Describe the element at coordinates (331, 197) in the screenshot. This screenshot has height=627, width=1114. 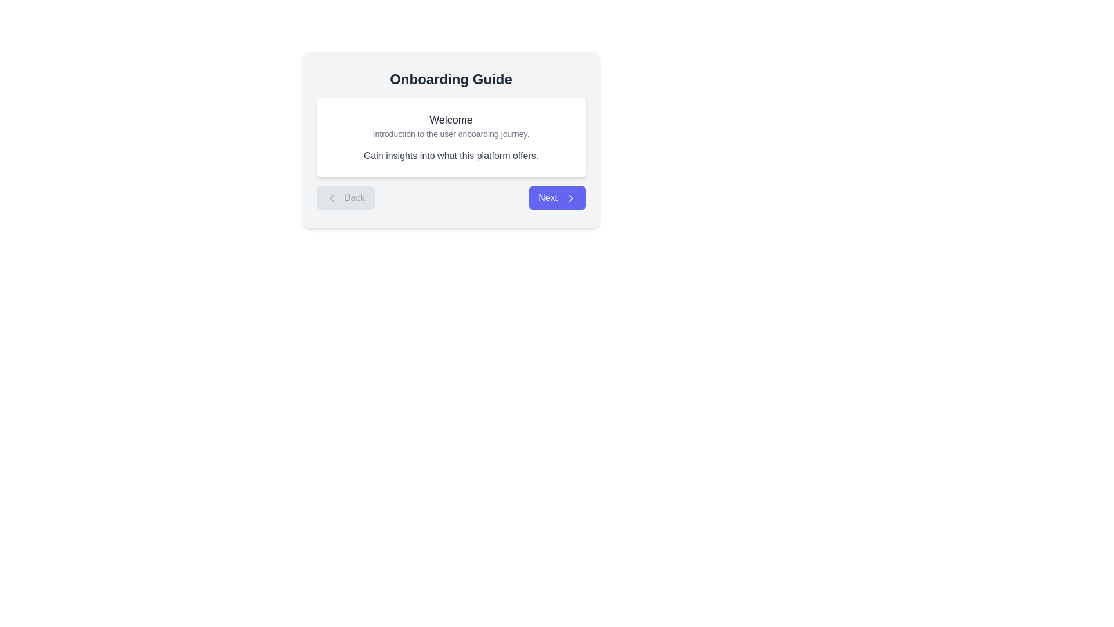
I see `the chevron icon indicating navigation to the previous step, located within the back button area at the lower left of the onboarding card` at that location.